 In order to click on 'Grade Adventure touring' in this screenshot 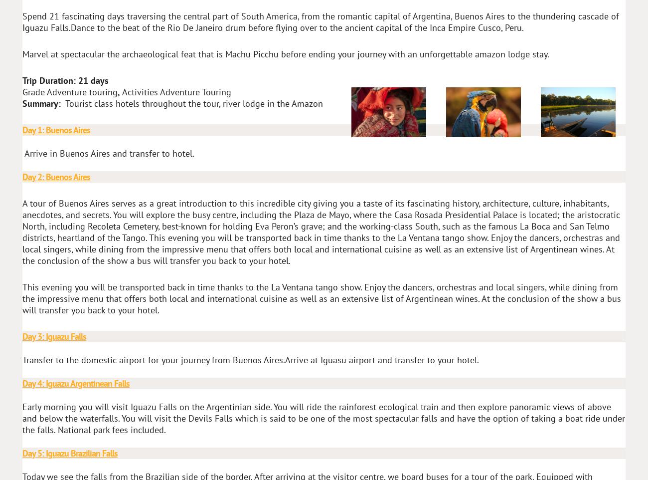, I will do `click(69, 92)`.